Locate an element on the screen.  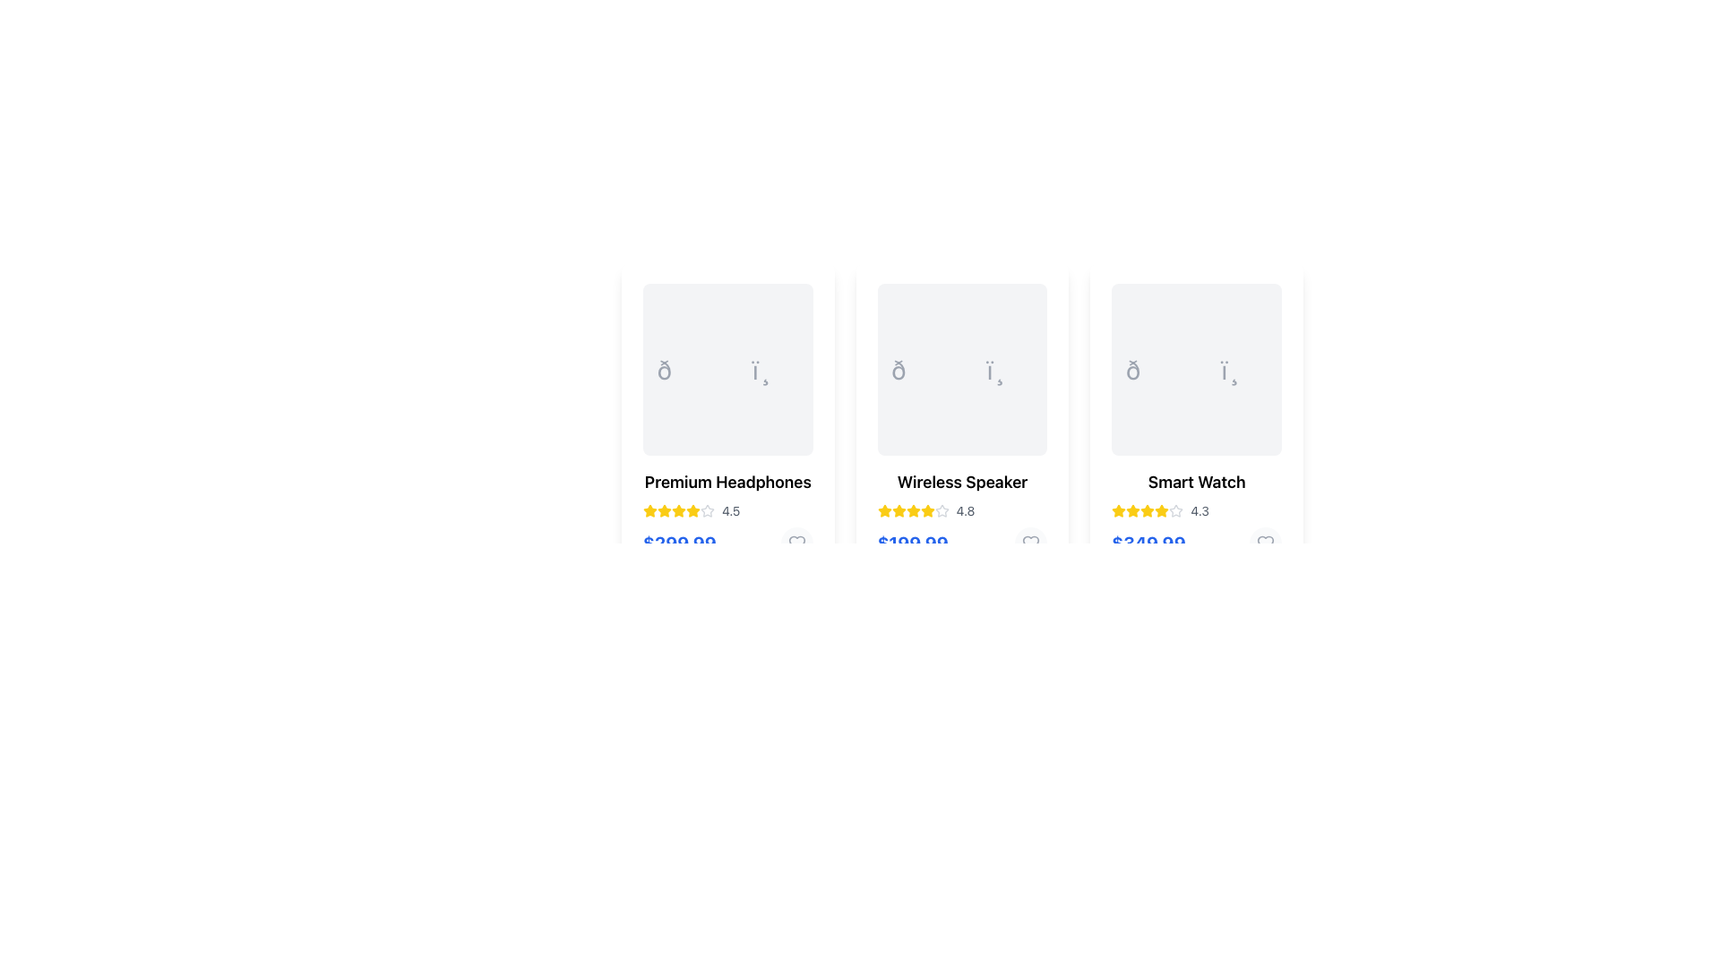
the star icon representing the rating for the product 'Wireless Speaker' to interact with it is located at coordinates (941, 510).